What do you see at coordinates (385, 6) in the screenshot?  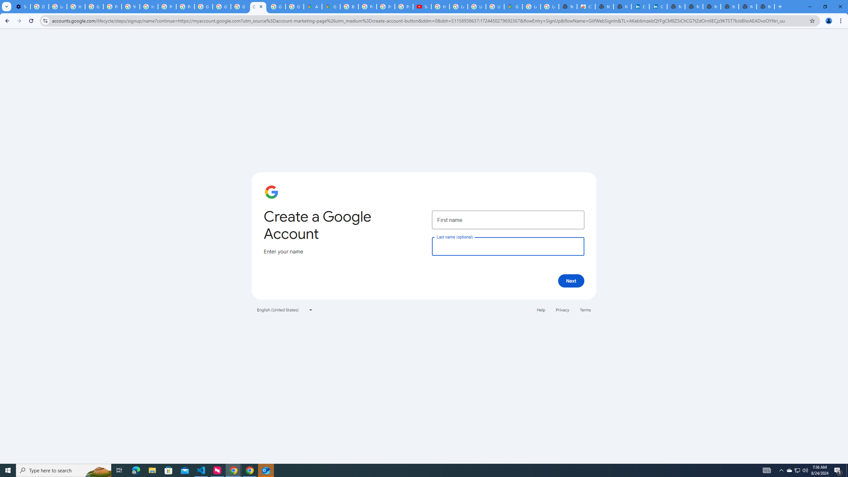 I see `'Privacy Help Center - Policies Help'` at bounding box center [385, 6].